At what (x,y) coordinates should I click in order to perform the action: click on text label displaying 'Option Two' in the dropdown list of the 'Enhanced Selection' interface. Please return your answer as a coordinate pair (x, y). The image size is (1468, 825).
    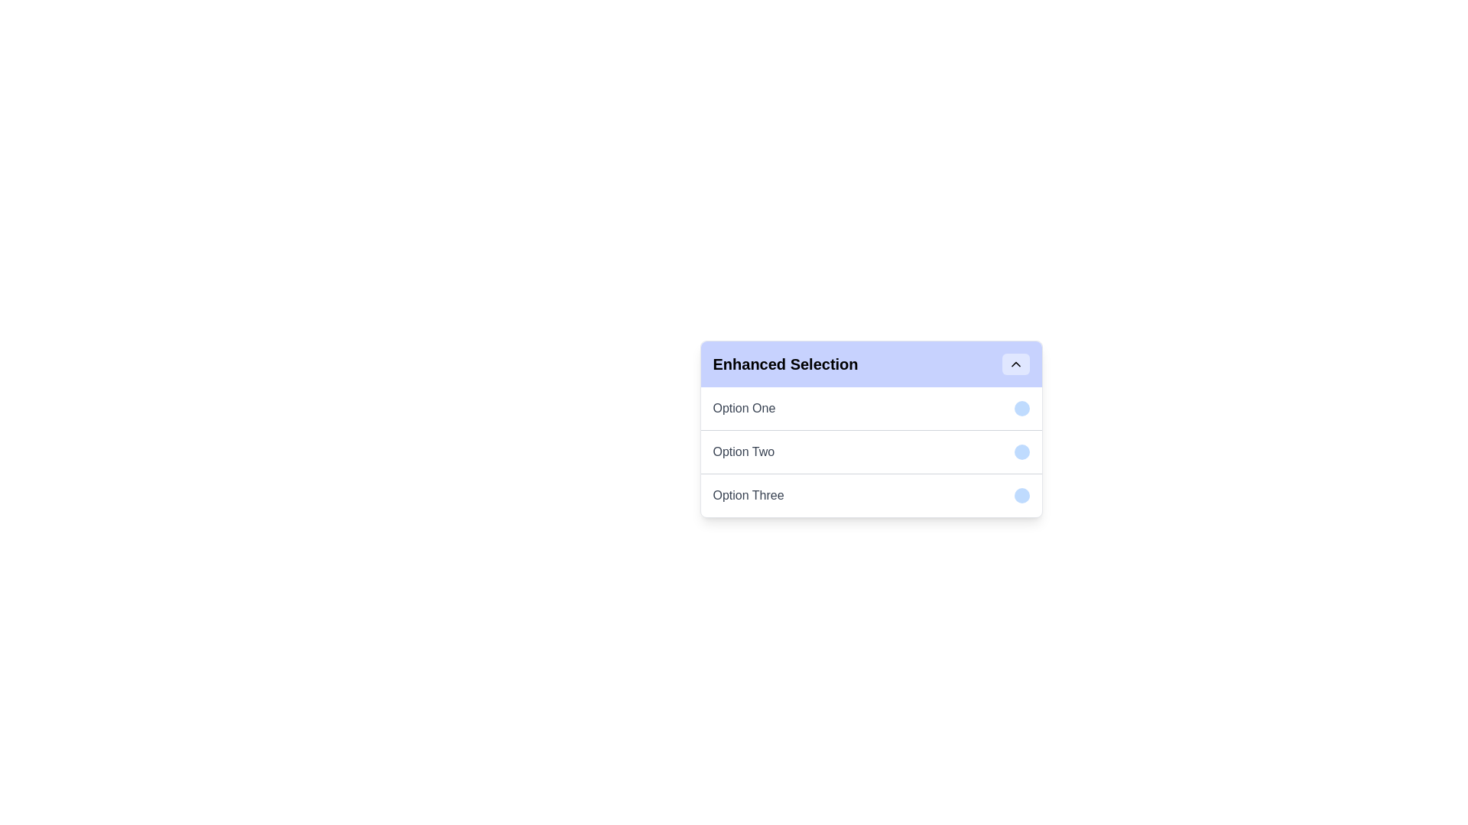
    Looking at the image, I should click on (743, 451).